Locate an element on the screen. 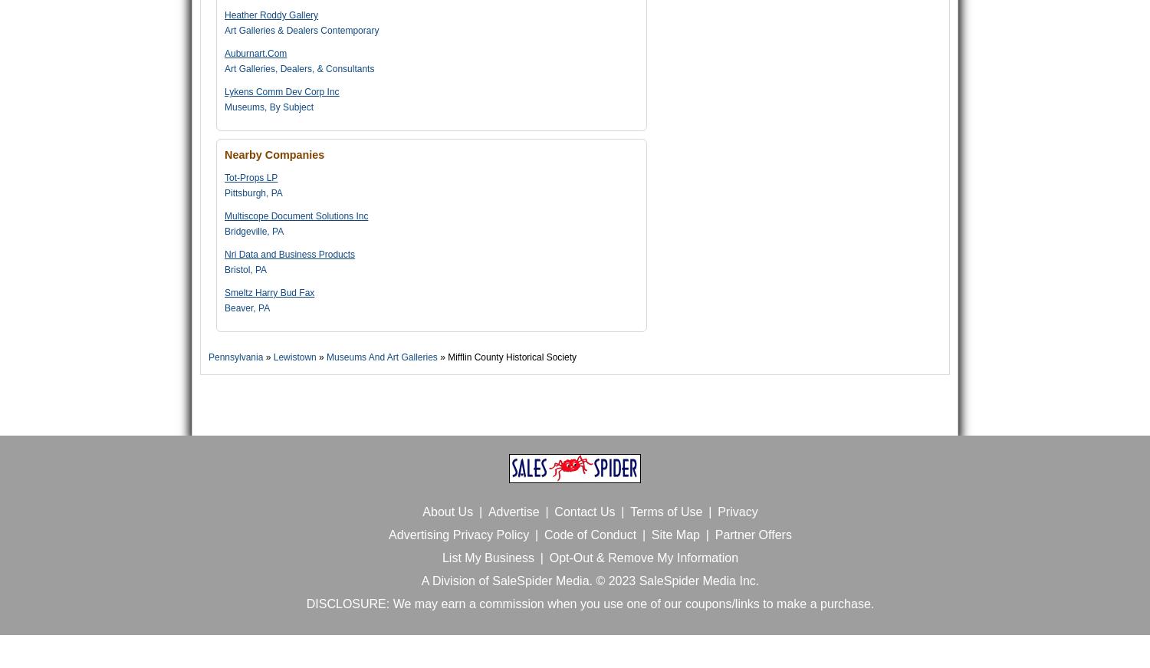  'A Division of SaleSpider Media. © 2023 SaleSpider Media Inc.' is located at coordinates (590, 581).